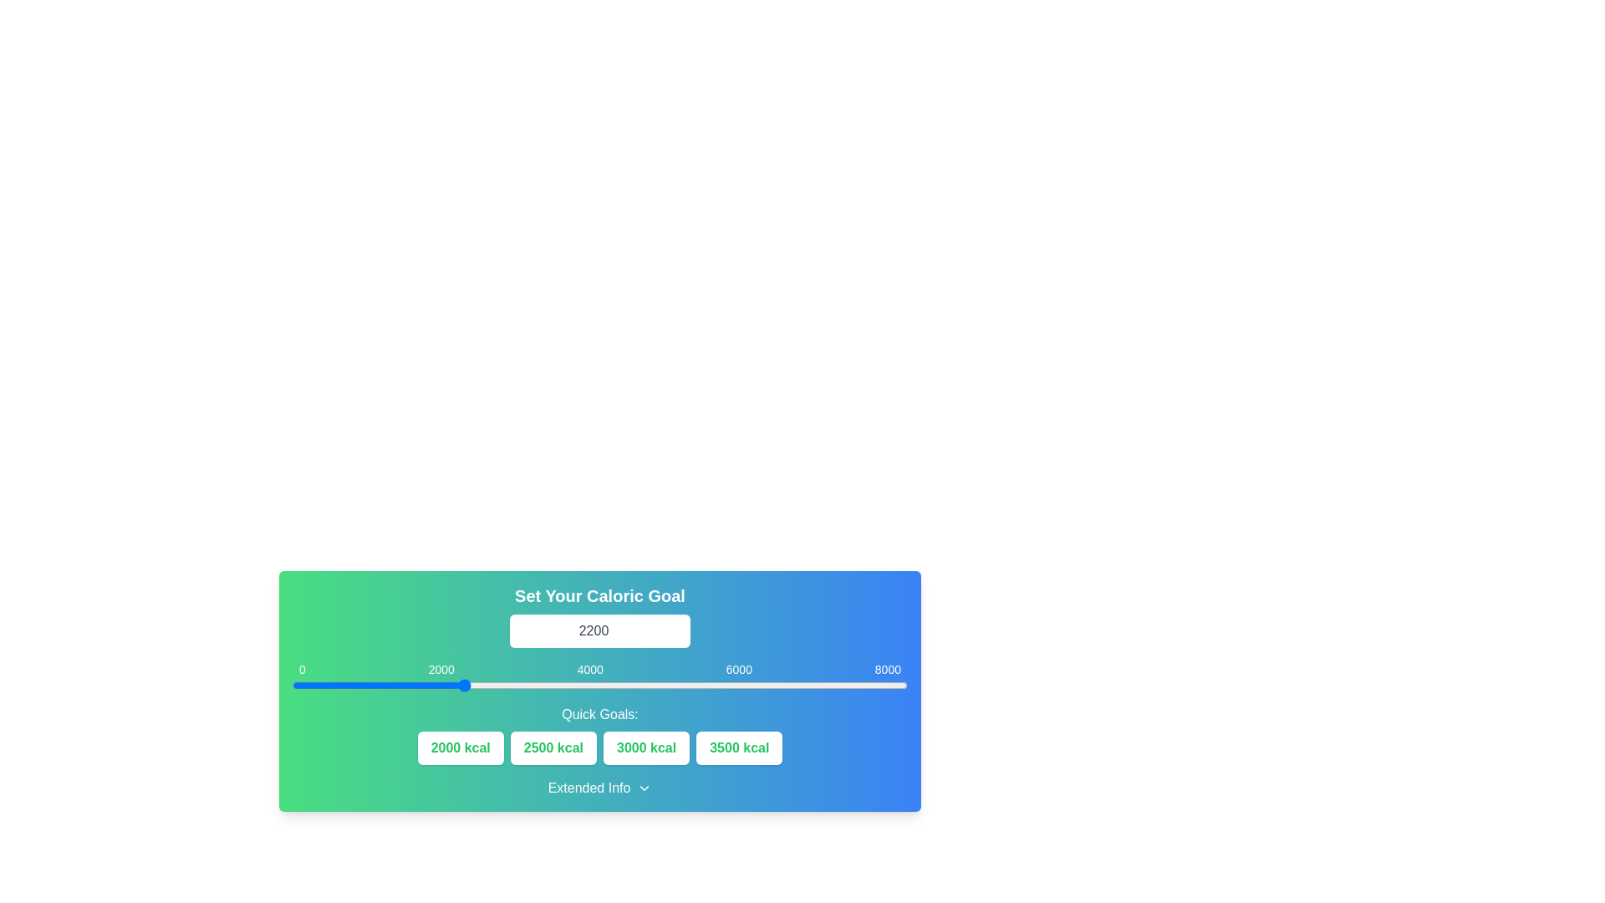 The image size is (1605, 903). I want to click on caloric goal, so click(585, 686).